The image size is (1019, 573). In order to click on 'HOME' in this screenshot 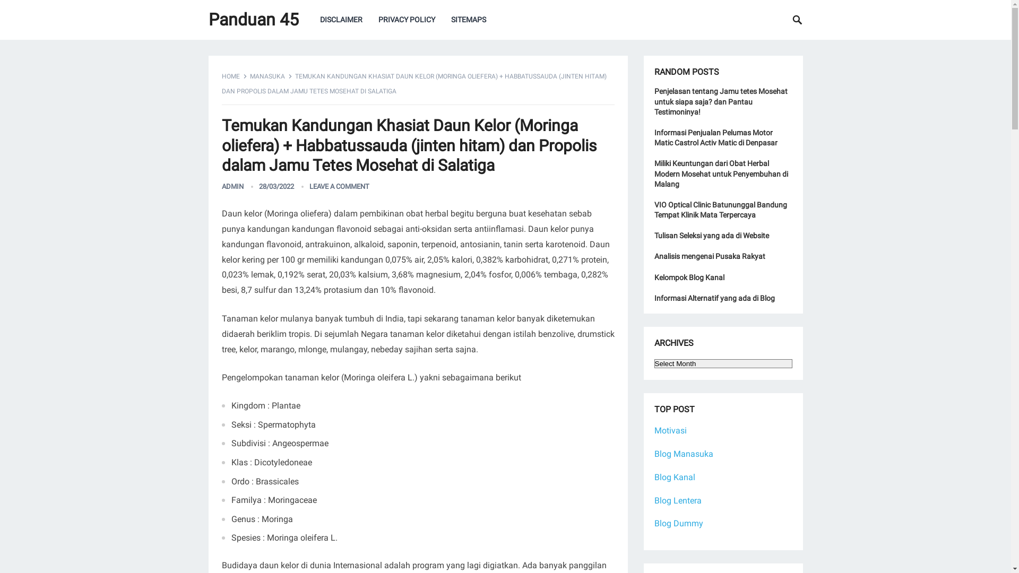, I will do `click(234, 75)`.